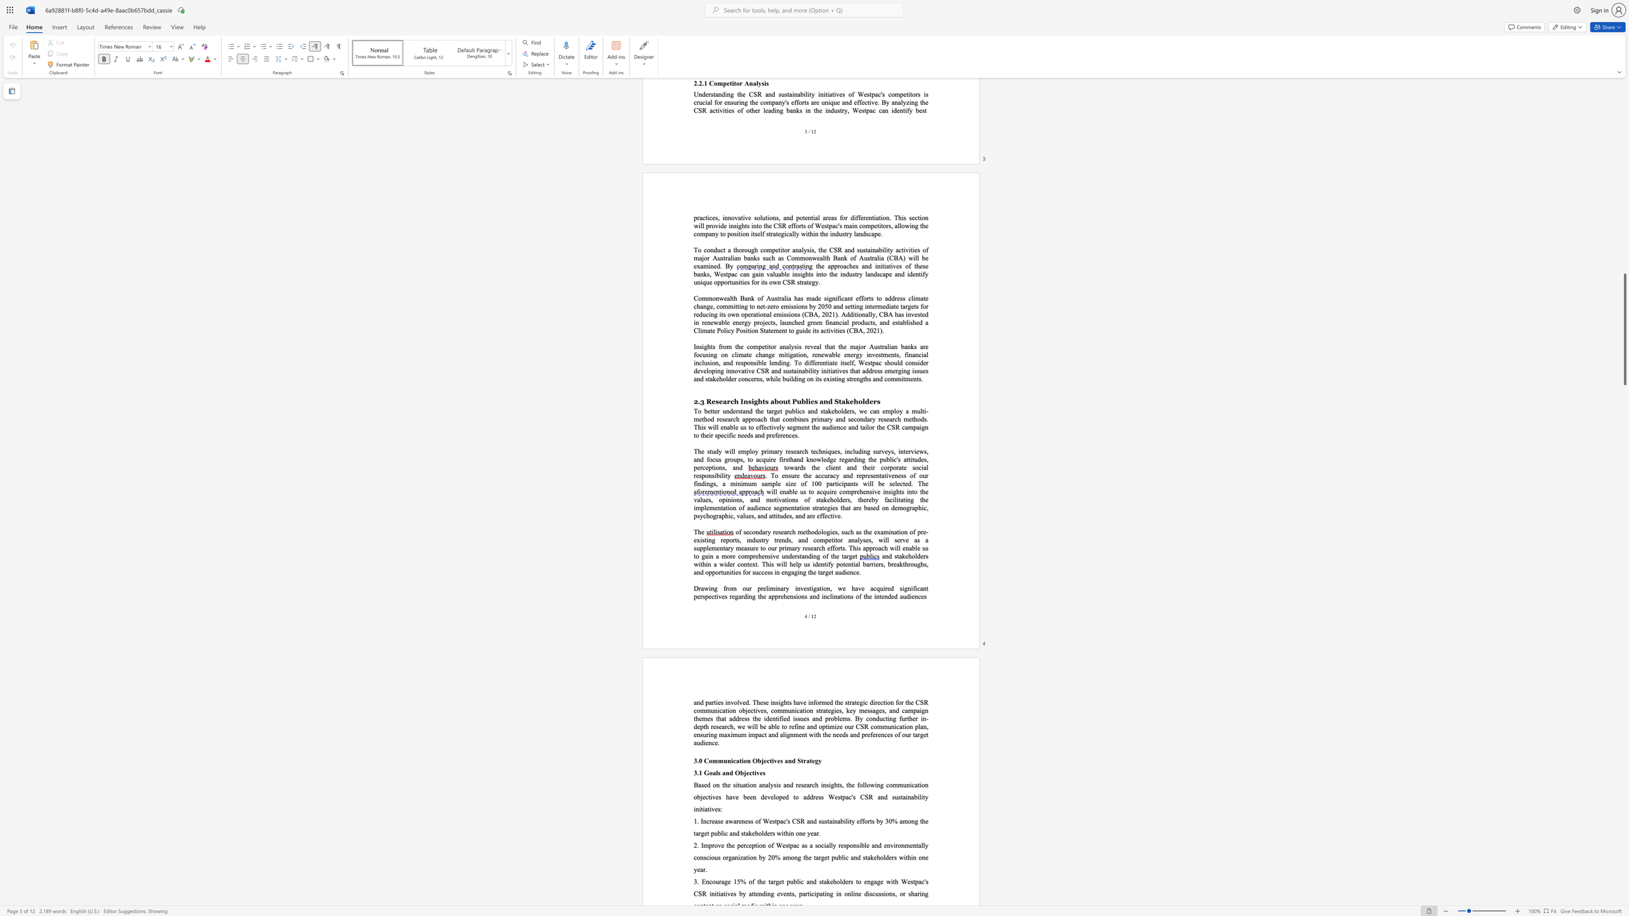 Image resolution: width=1629 pixels, height=916 pixels. Describe the element at coordinates (925, 555) in the screenshot. I see `the subset text "s within a wid" within the text "and stakeholders within a wider context. This will help us"` at that location.